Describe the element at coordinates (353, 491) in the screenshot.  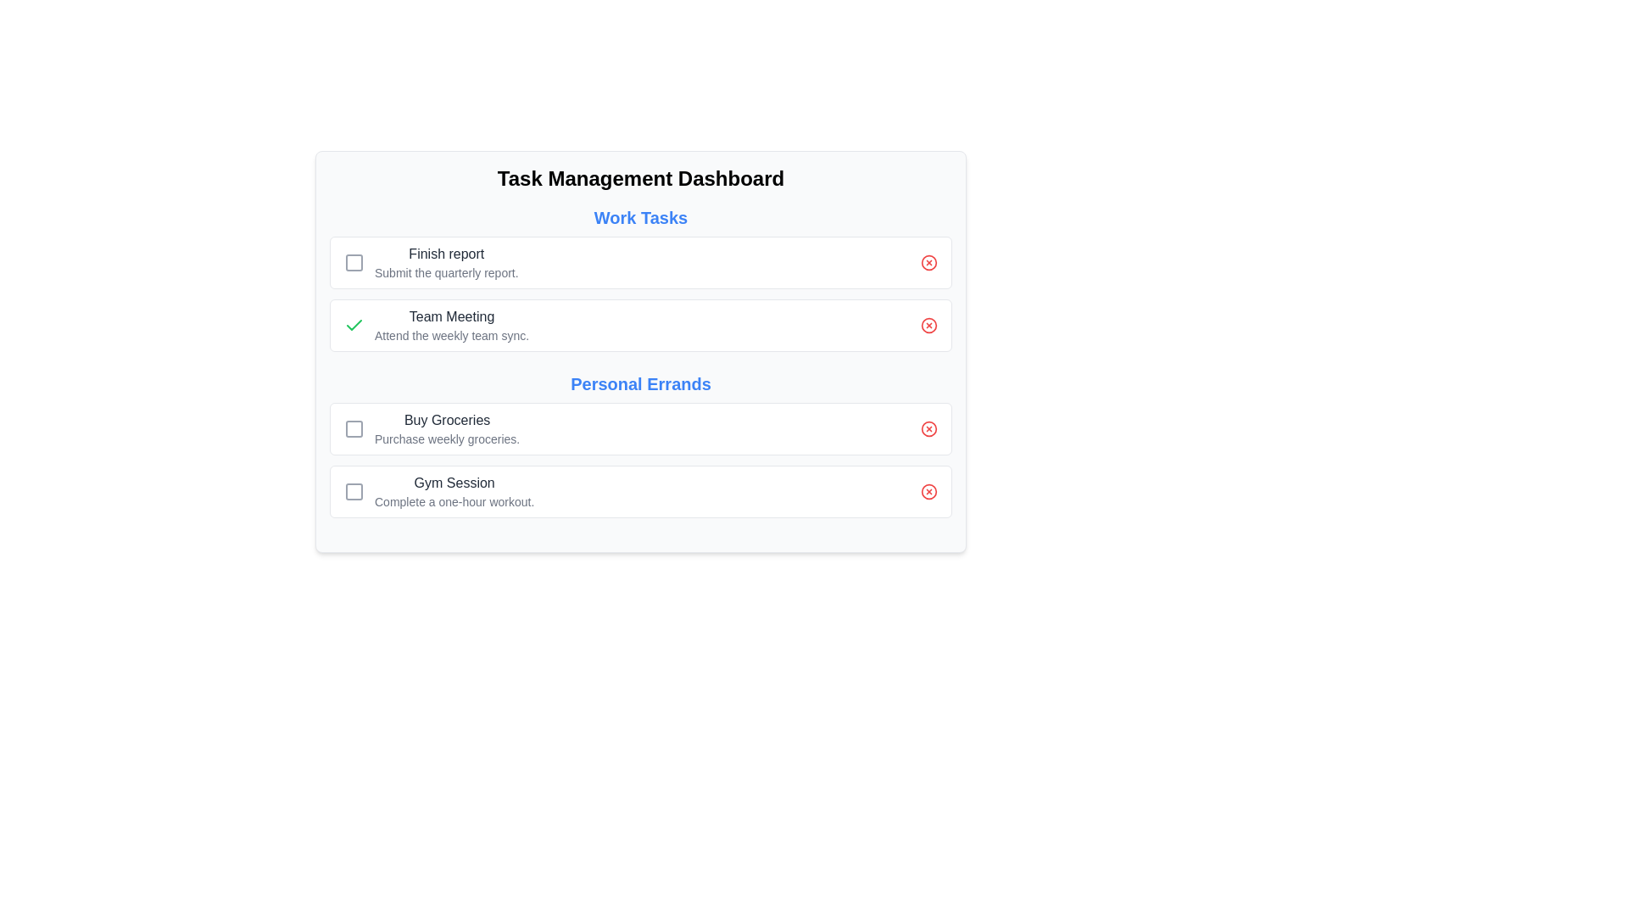
I see `the checkbox-like interactive control` at that location.